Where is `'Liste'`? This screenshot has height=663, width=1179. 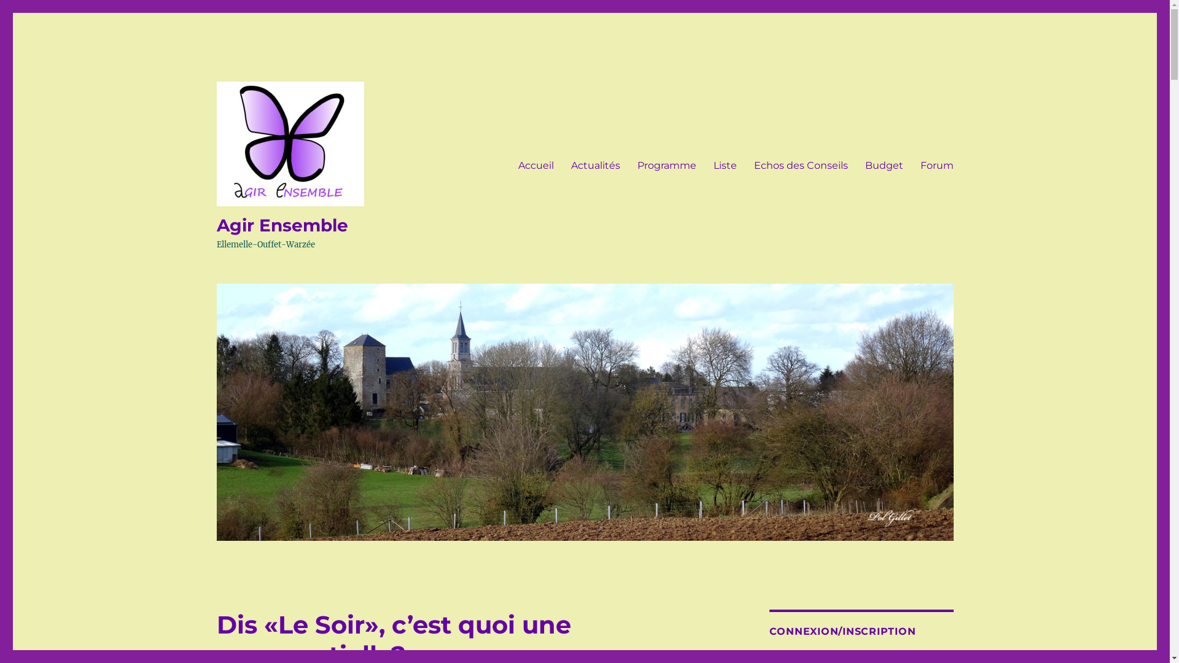
'Liste' is located at coordinates (725, 165).